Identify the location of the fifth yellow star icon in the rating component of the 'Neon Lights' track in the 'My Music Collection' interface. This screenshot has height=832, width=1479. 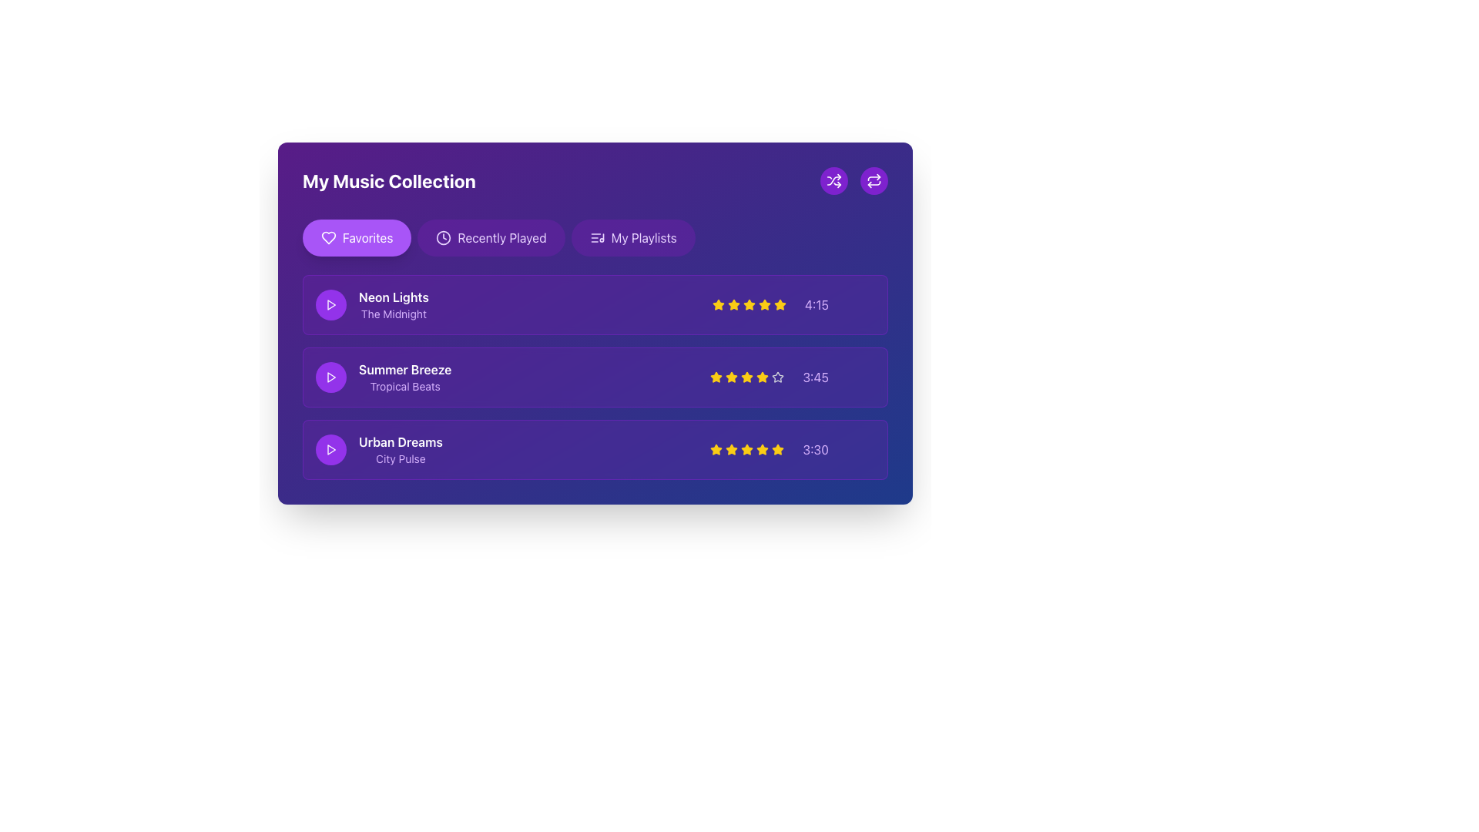
(764, 305).